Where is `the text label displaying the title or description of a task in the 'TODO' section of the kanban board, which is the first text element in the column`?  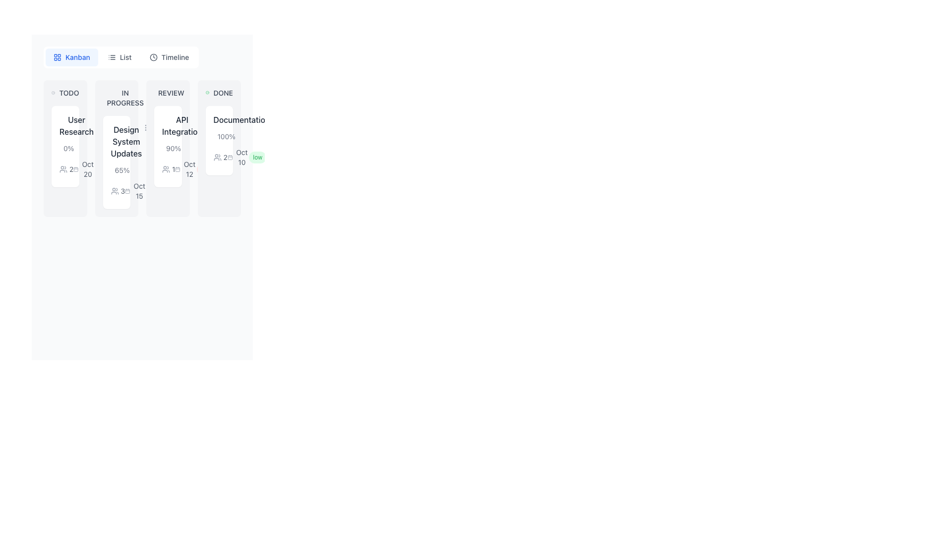 the text label displaying the title or description of a task in the 'TODO' section of the kanban board, which is the first text element in the column is located at coordinates (76, 125).